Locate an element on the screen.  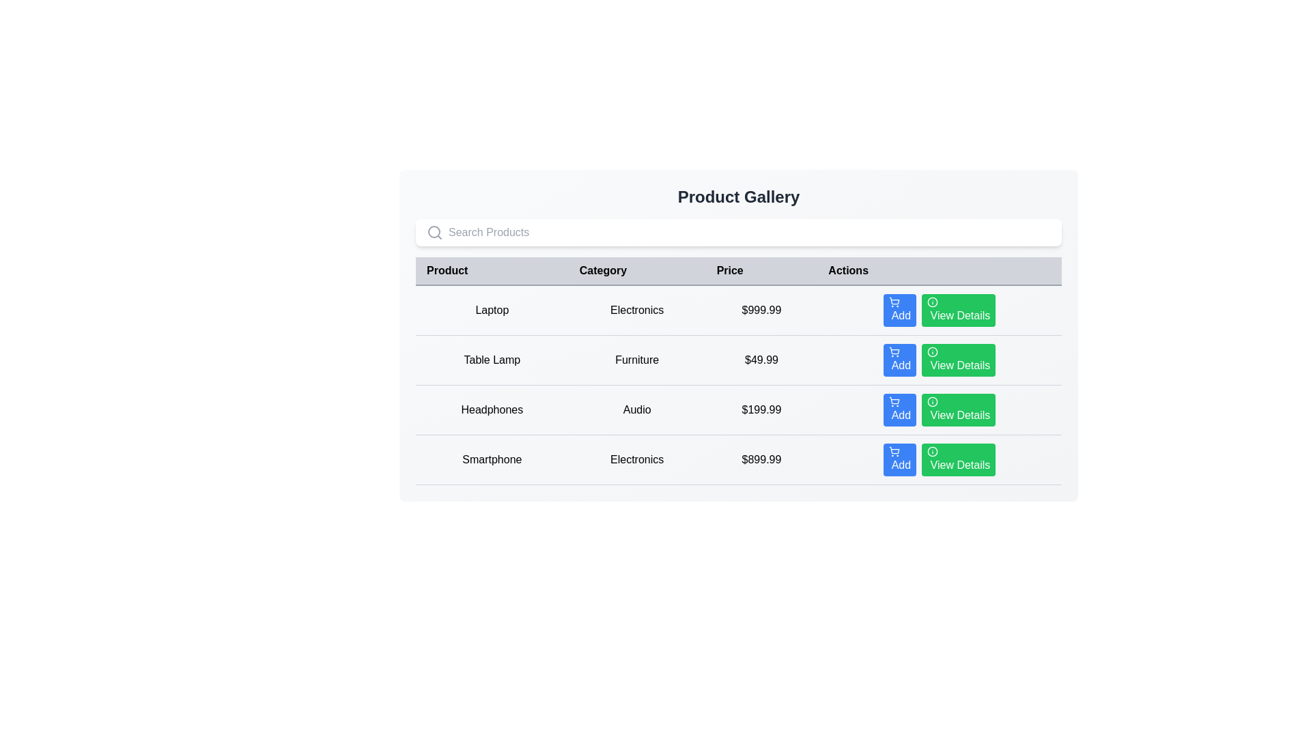
the icon representing the action of adding items to the cart in the blue 'Add' button for the product 'Laptop' is located at coordinates (894, 302).